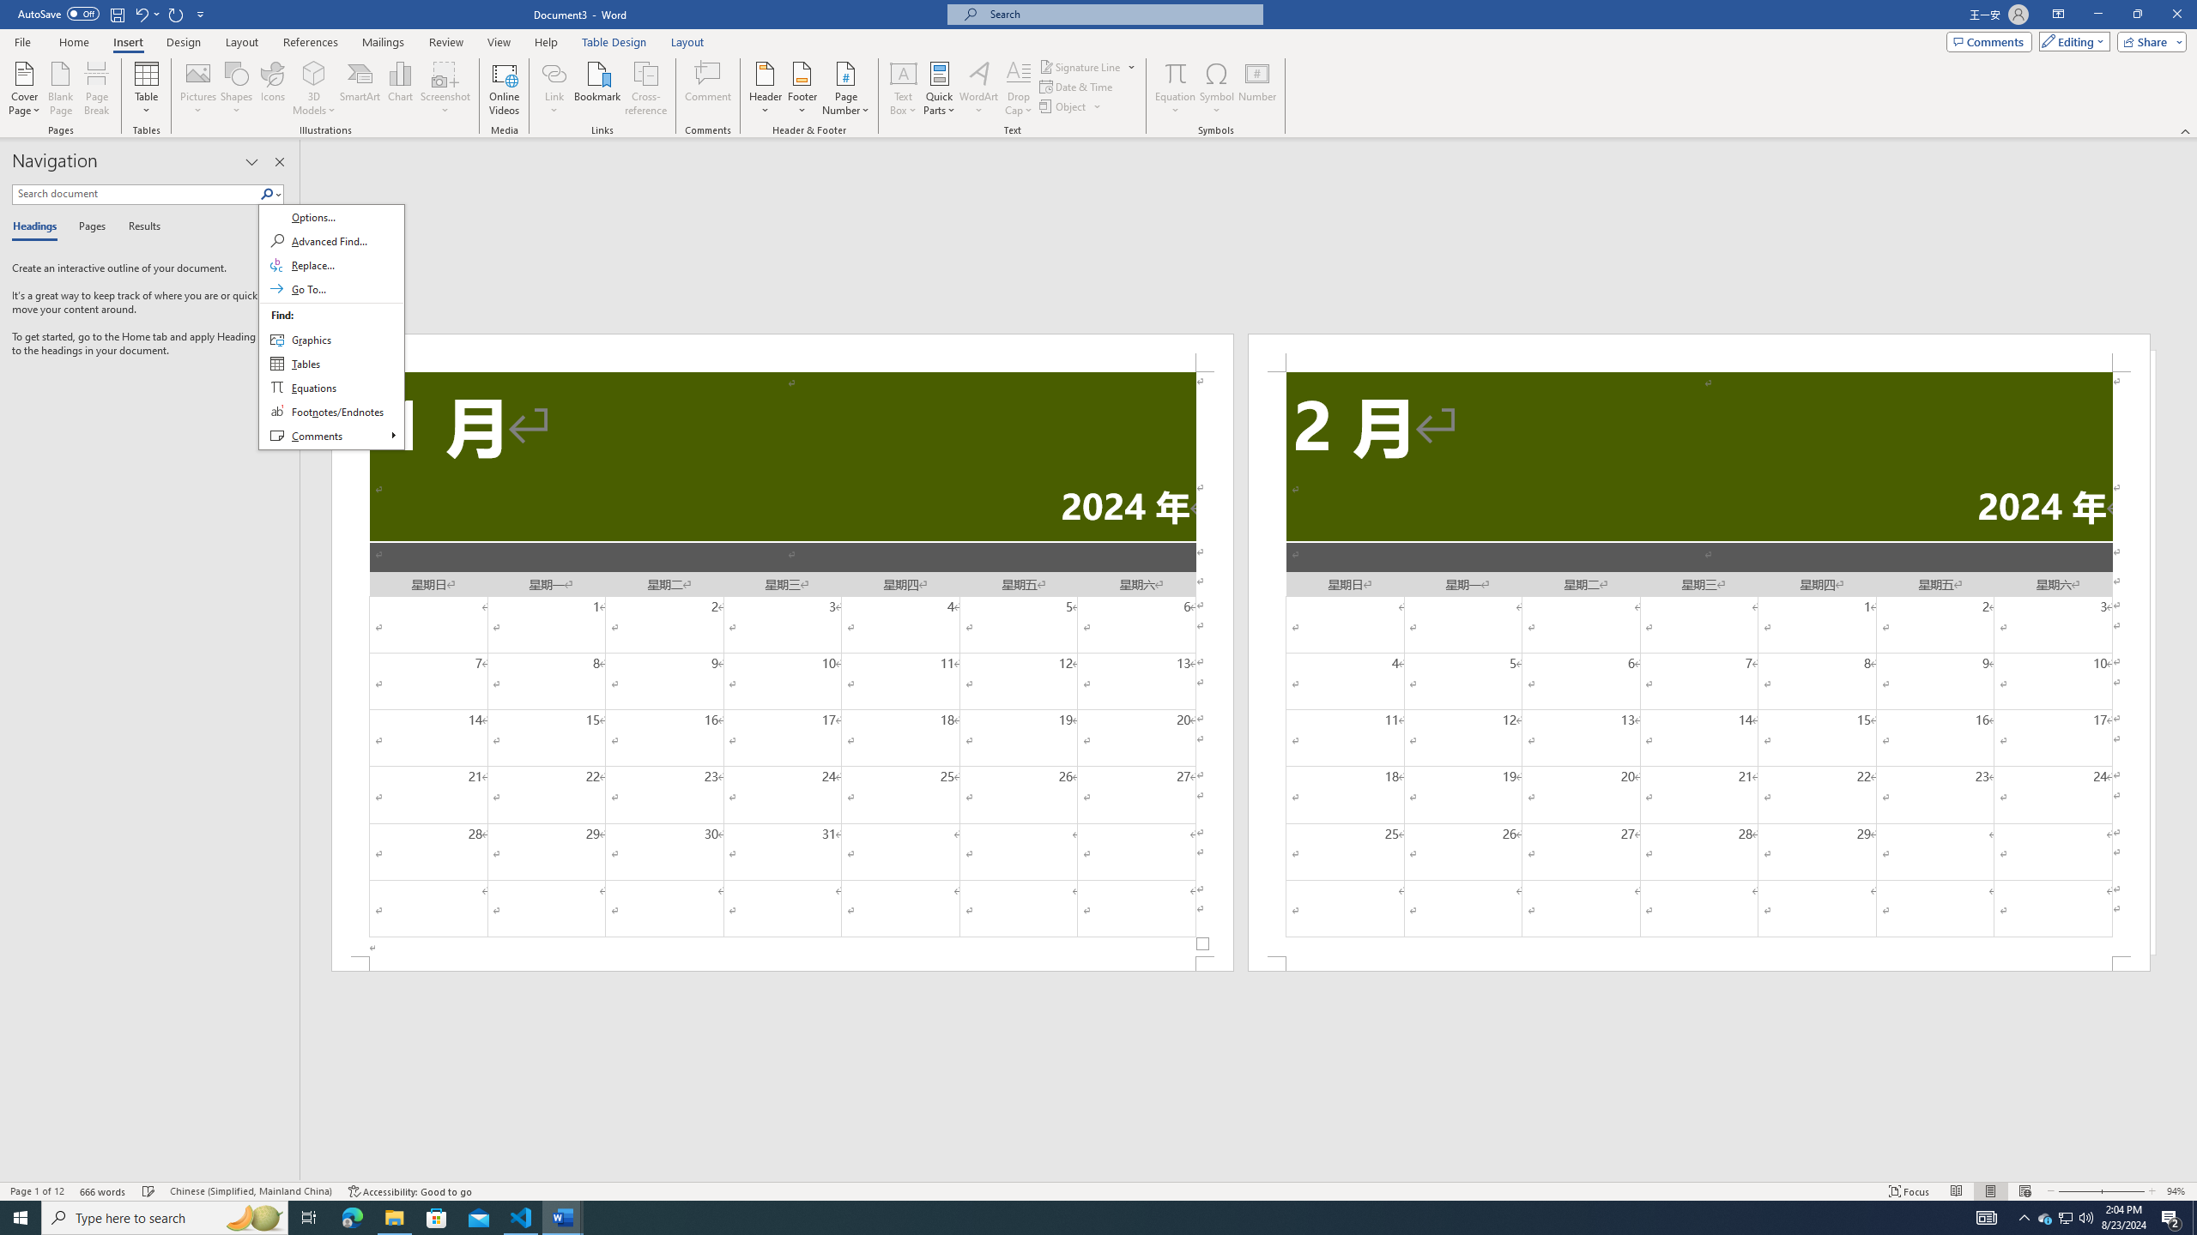 The height and width of the screenshot is (1235, 2197). What do you see at coordinates (1175, 88) in the screenshot?
I see `'Equation'` at bounding box center [1175, 88].